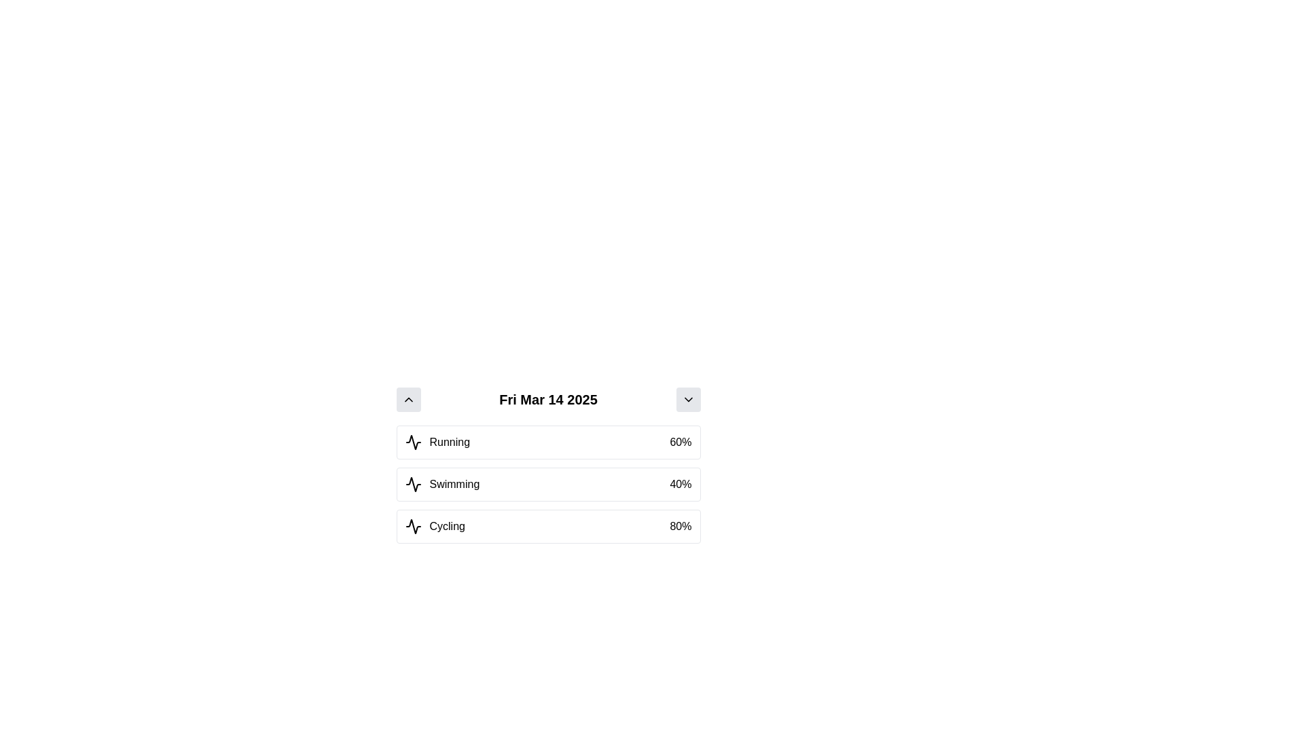  What do you see at coordinates (548, 442) in the screenshot?
I see `the first list item displaying 'Running' and '60%' in the vertically grouped dataset` at bounding box center [548, 442].